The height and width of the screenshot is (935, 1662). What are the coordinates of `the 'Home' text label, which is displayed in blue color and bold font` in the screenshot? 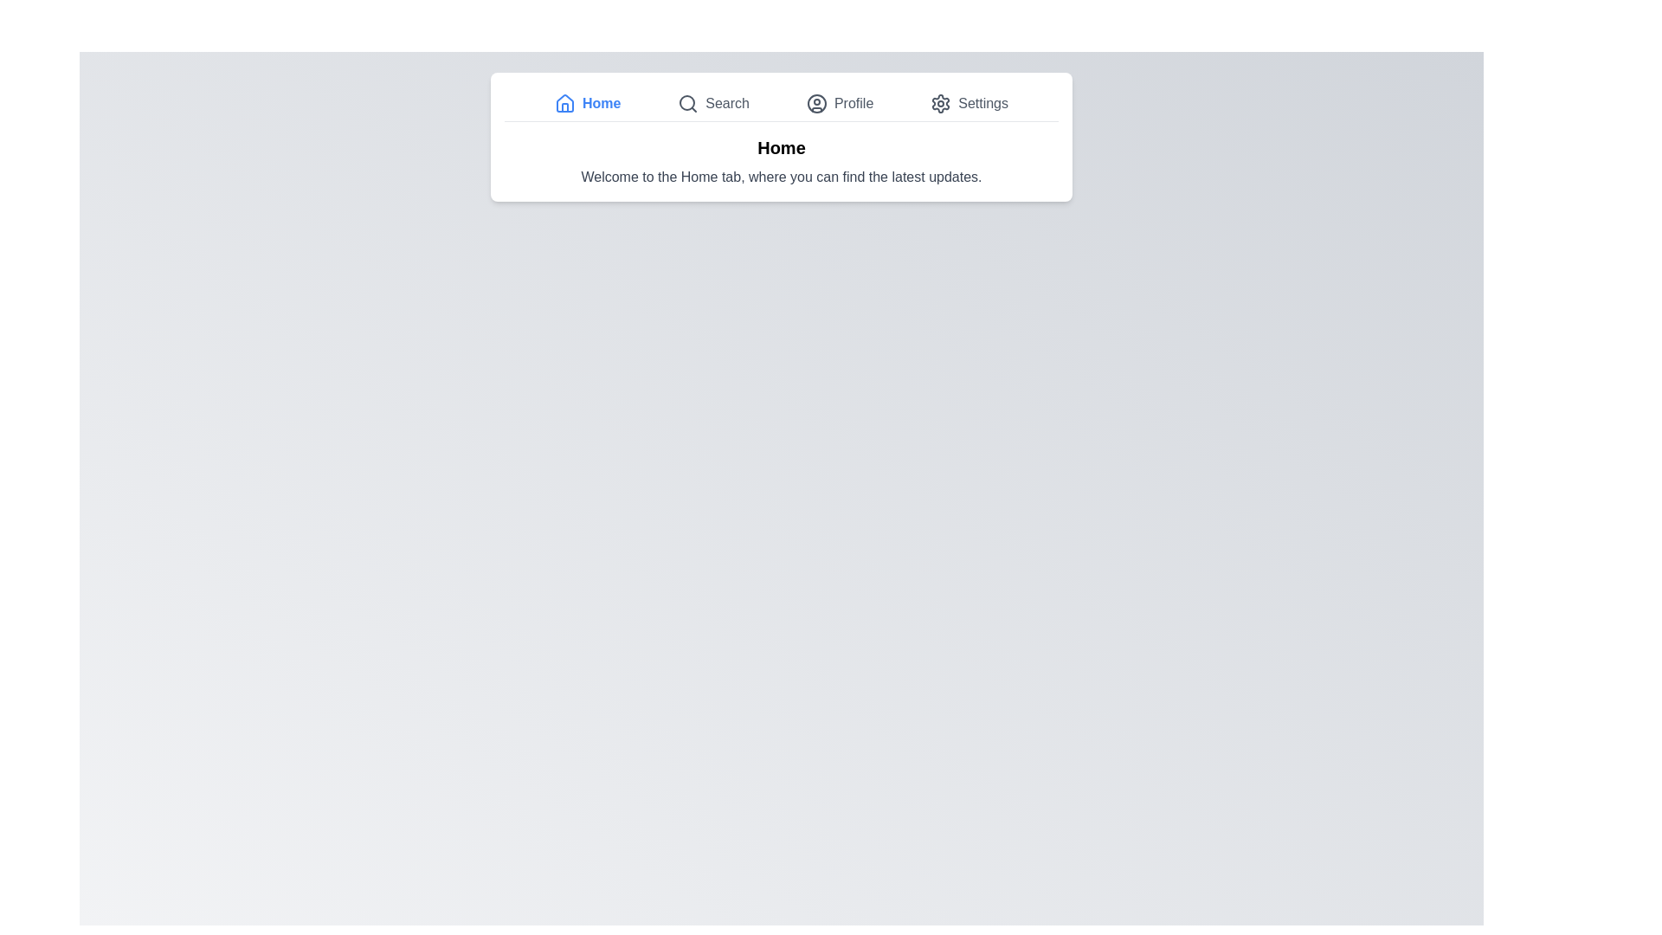 It's located at (602, 103).